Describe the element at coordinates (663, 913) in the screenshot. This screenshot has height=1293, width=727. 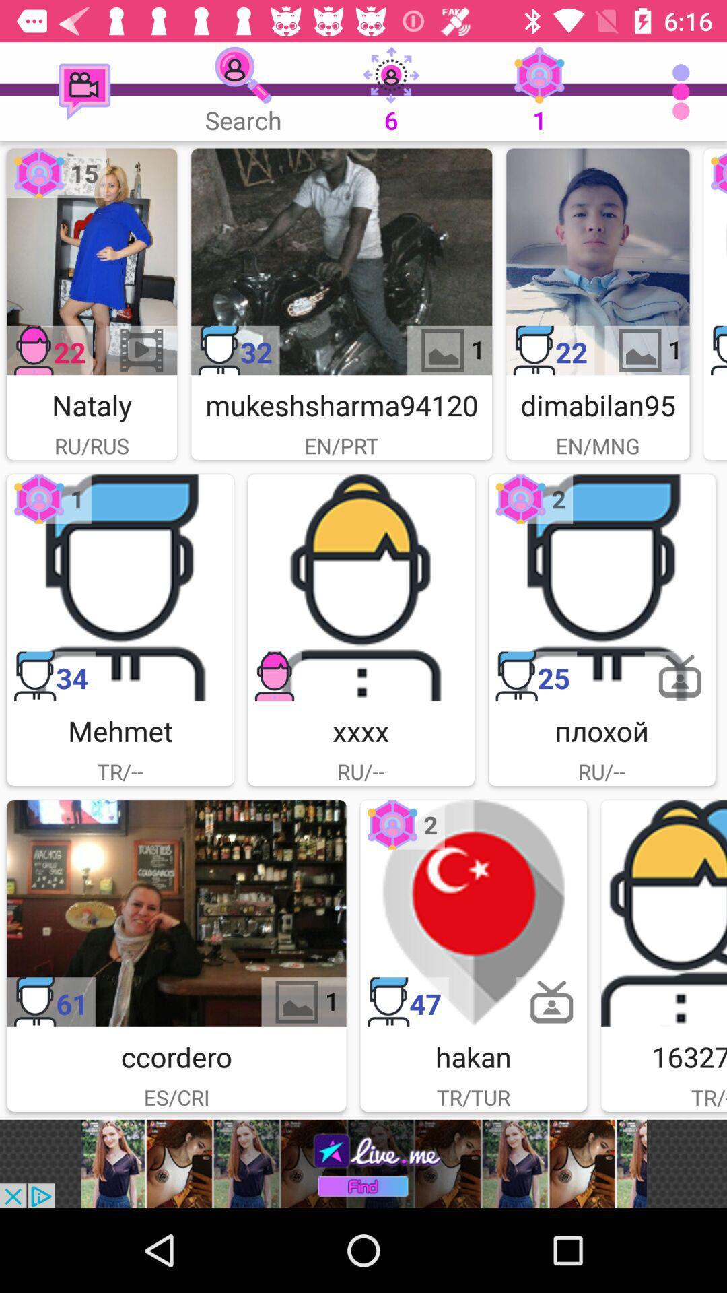
I see `tap to obtain profile information` at that location.